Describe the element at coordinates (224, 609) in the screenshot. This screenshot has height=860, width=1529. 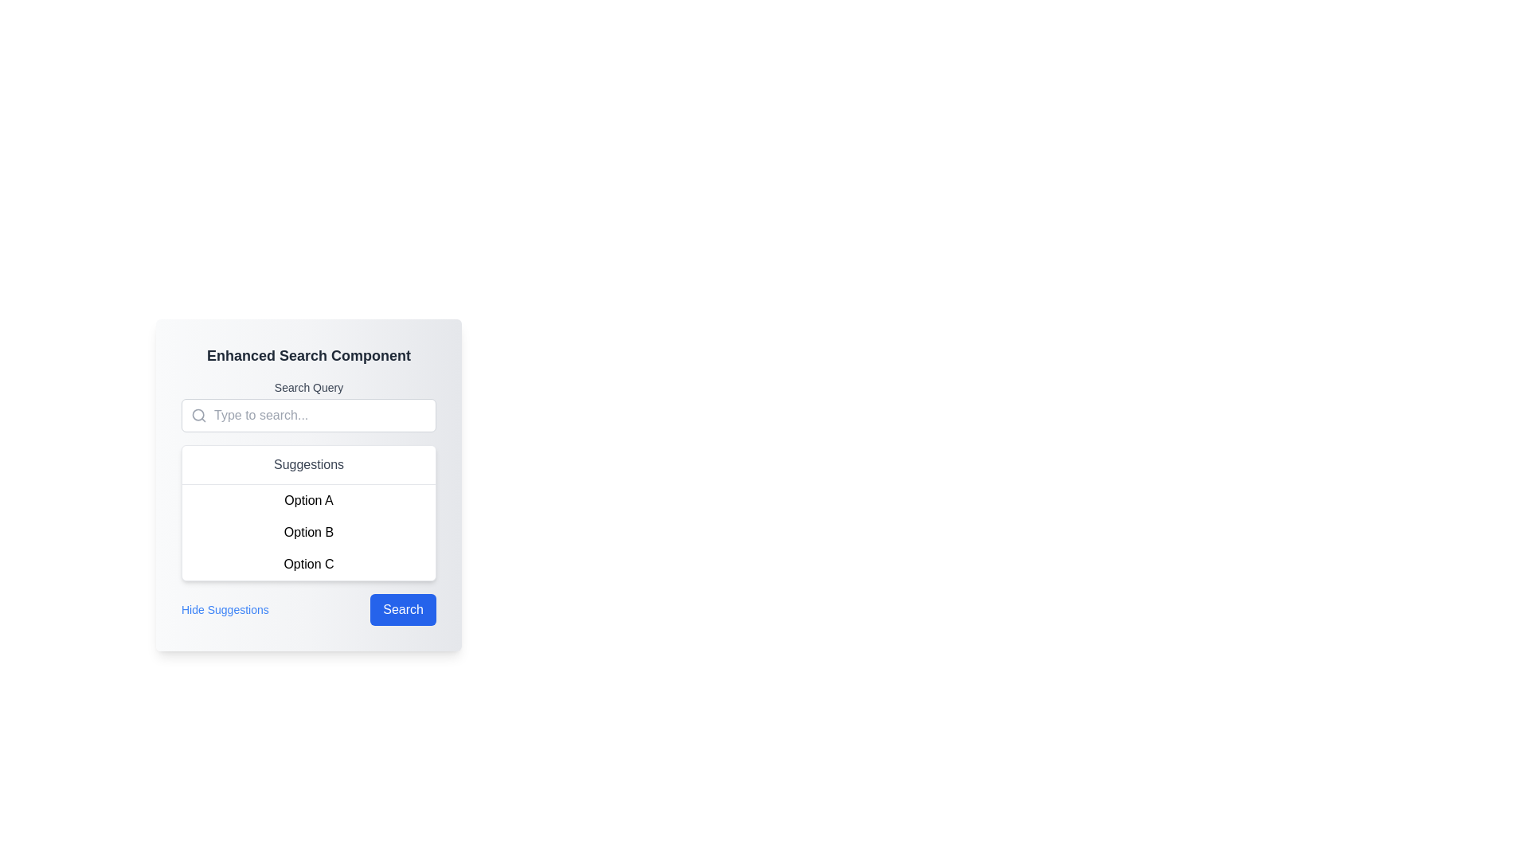
I see `the button that hides suggestions, located on the left side of the horizontal layout below the 'Suggestions' section` at that location.